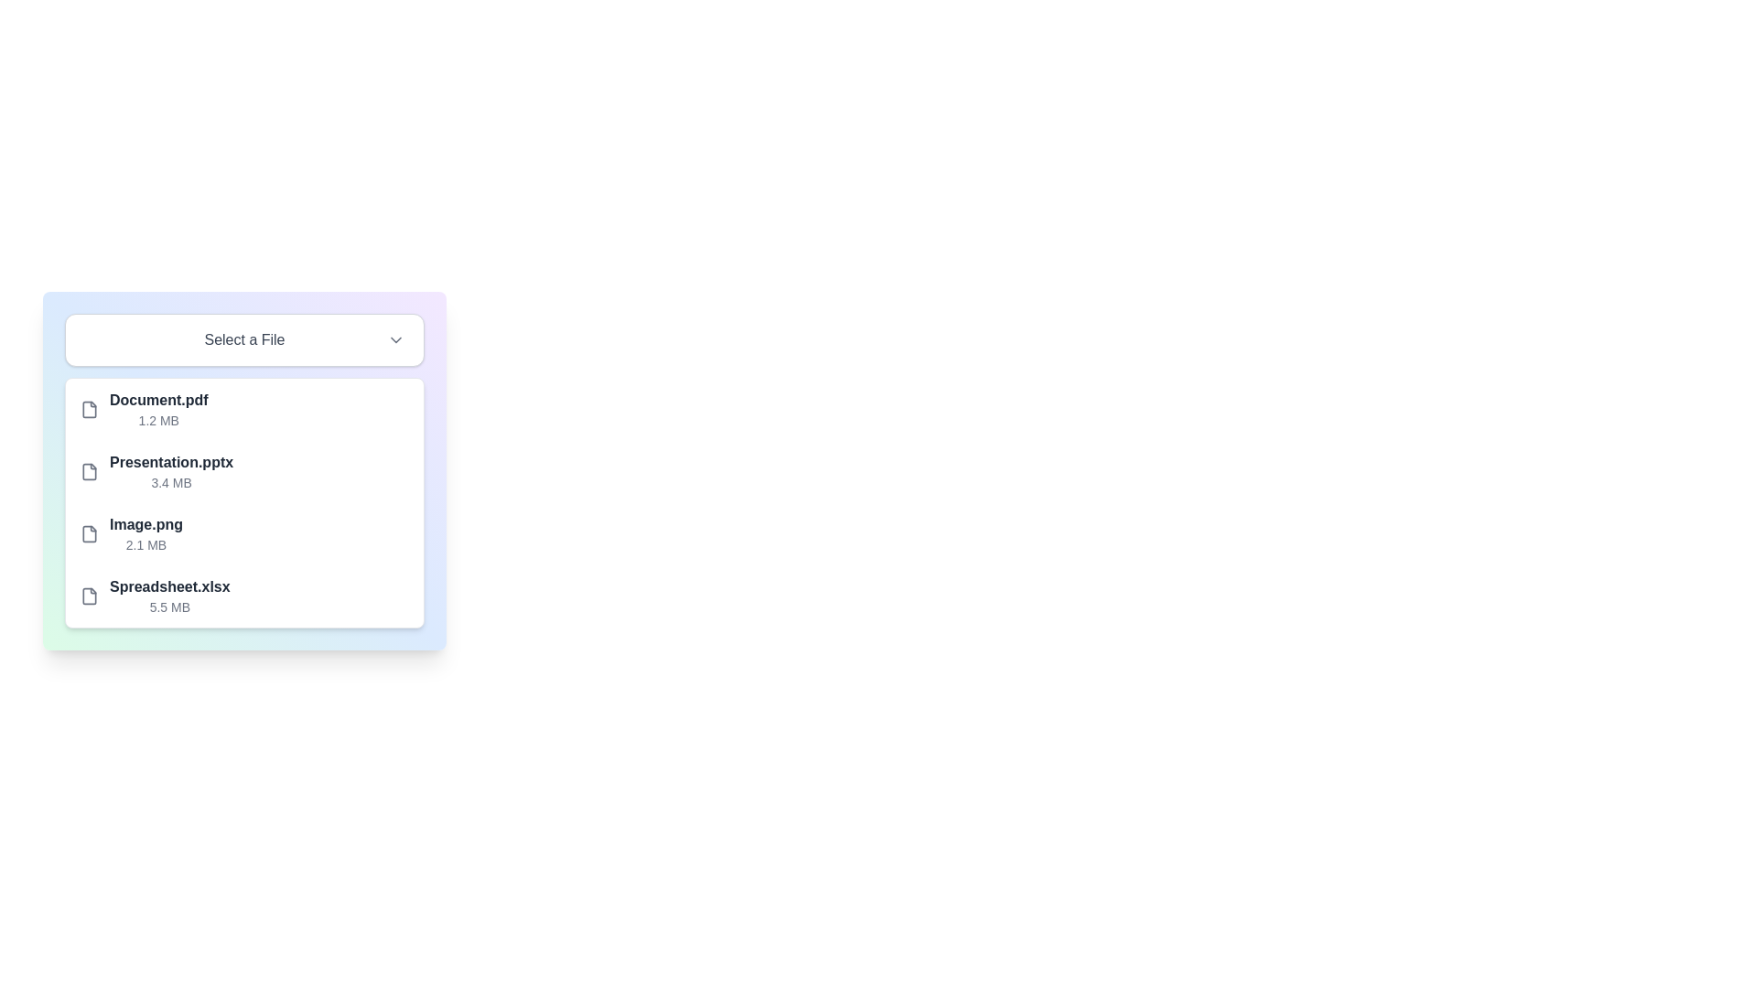 The image size is (1757, 988). I want to click on the downward pointing arrow icon in the 'Select a File' button group, so click(394, 339).